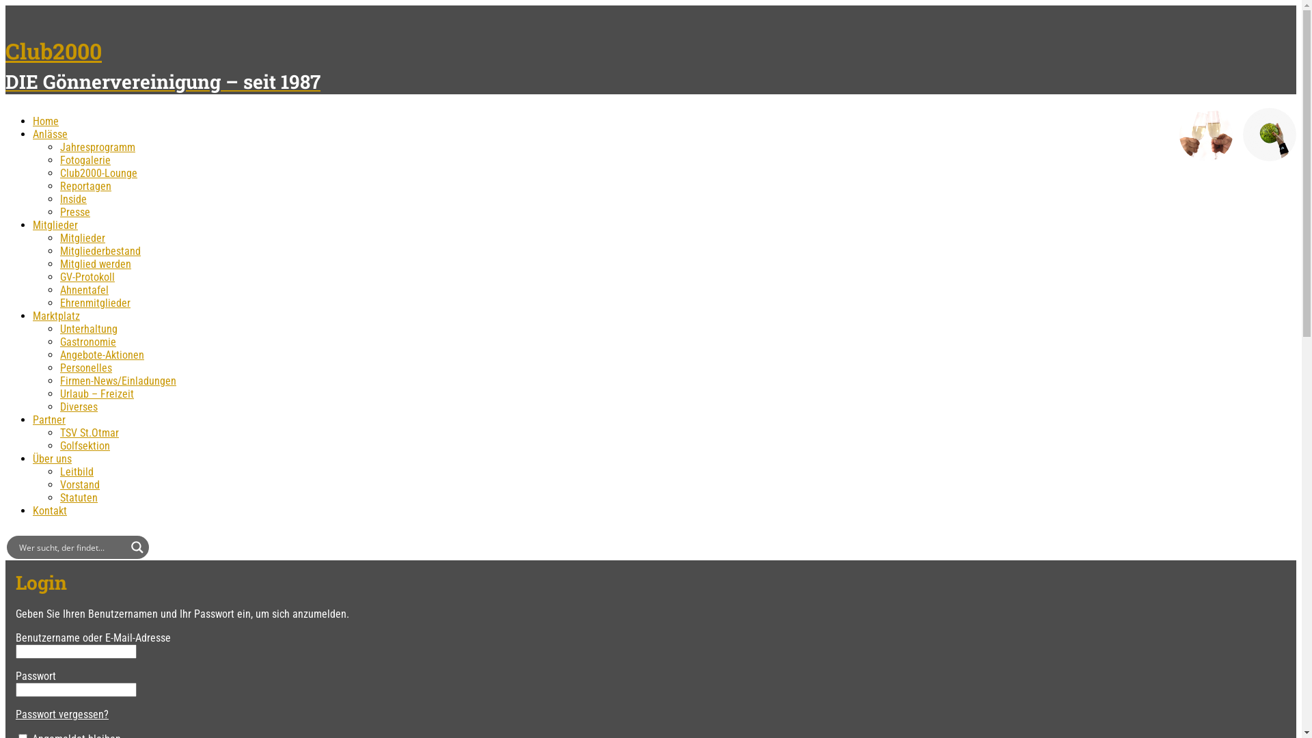 The height and width of the screenshot is (738, 1312). I want to click on 'Leitbild', so click(76, 471).